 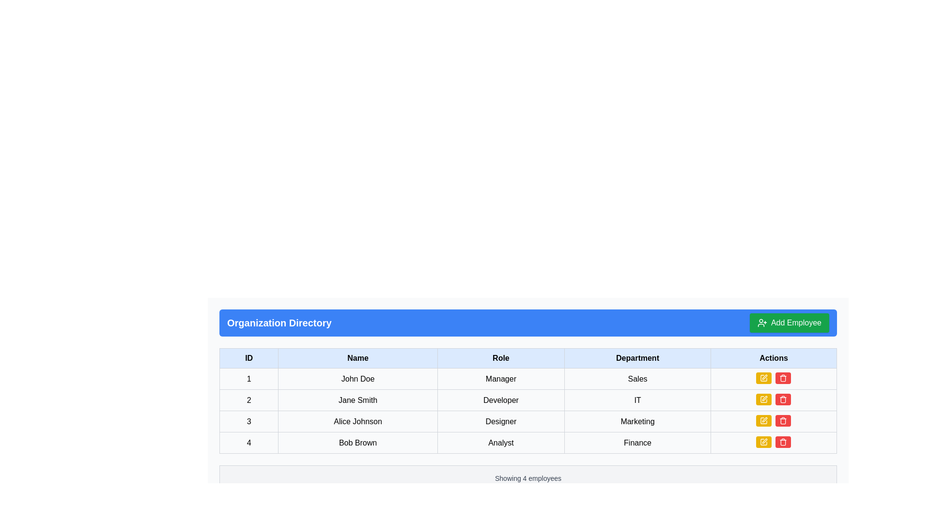 What do you see at coordinates (763, 400) in the screenshot?
I see `the 'Edit' button located in the 'Actions' column of the second row for user 'Jane Smith' to initiate the edit action` at bounding box center [763, 400].